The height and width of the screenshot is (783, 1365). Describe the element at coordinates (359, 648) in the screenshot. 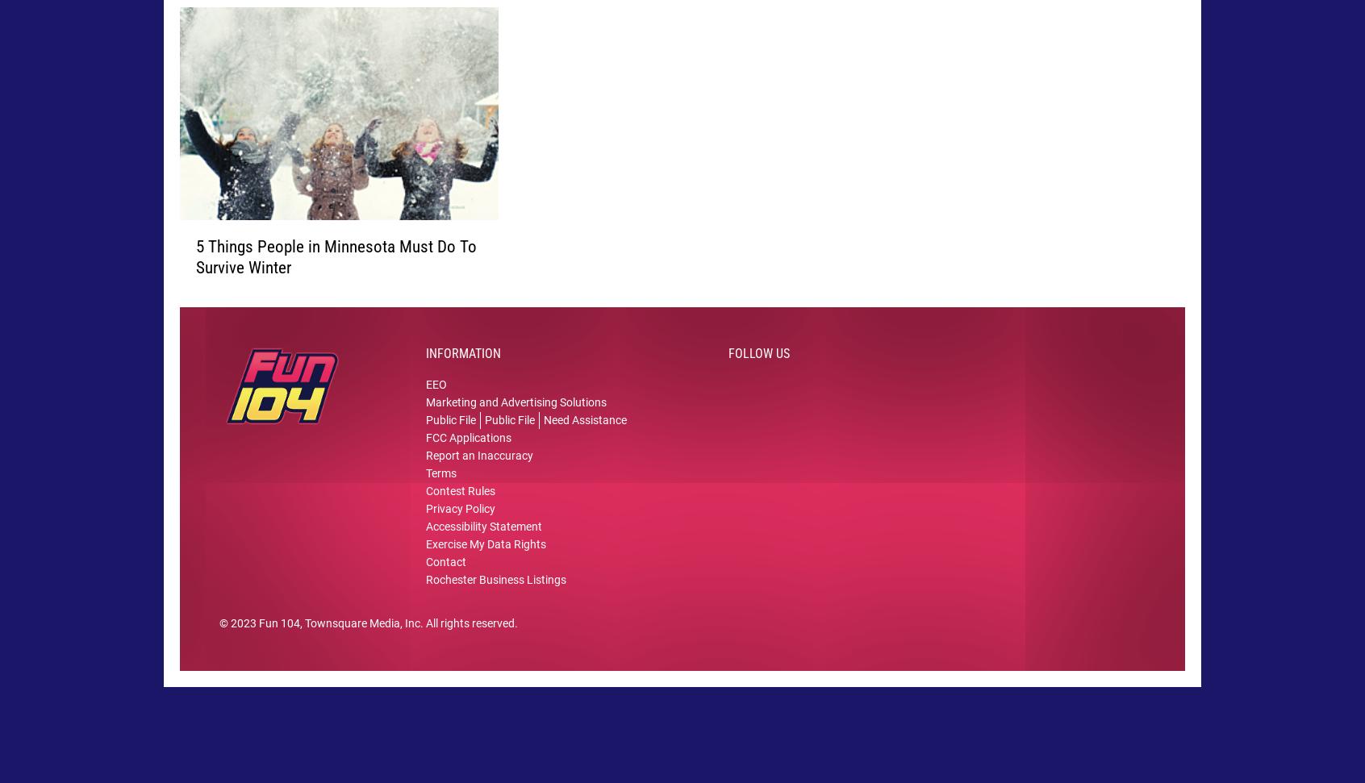

I see `', Townsquare Media, Inc'` at that location.